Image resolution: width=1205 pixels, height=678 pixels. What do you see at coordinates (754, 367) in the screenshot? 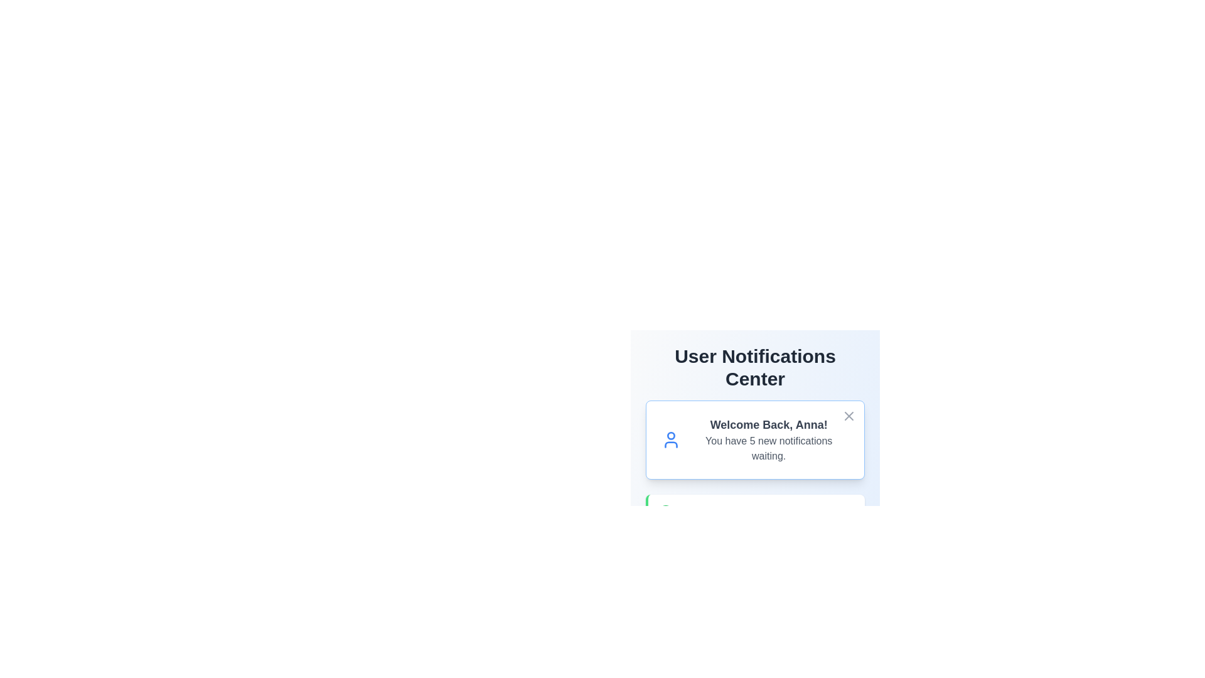
I see `the heading element that reads 'User Notifications Center', which is styled prominently in a large, bold font and is positioned above other content` at bounding box center [754, 367].